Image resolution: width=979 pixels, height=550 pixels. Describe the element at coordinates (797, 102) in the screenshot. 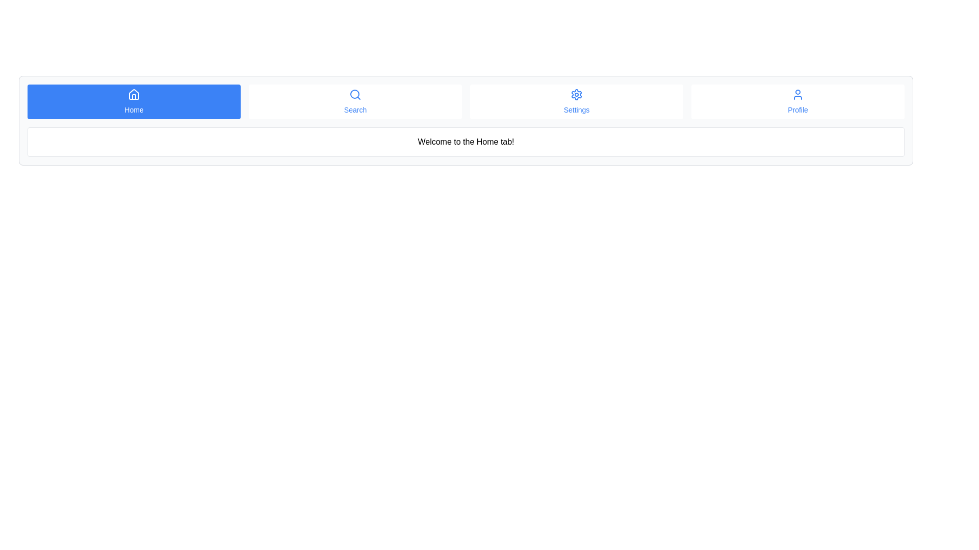

I see `the 'Profile' button, which is a vertically aligned button with a user icon and text beneath it, located at the far-right in the top navigation bar` at that location.